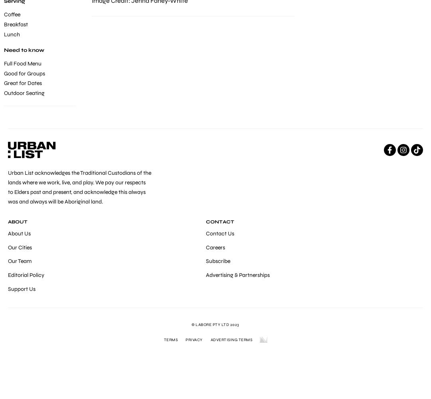  What do you see at coordinates (26, 275) in the screenshot?
I see `'Editorial Policy'` at bounding box center [26, 275].